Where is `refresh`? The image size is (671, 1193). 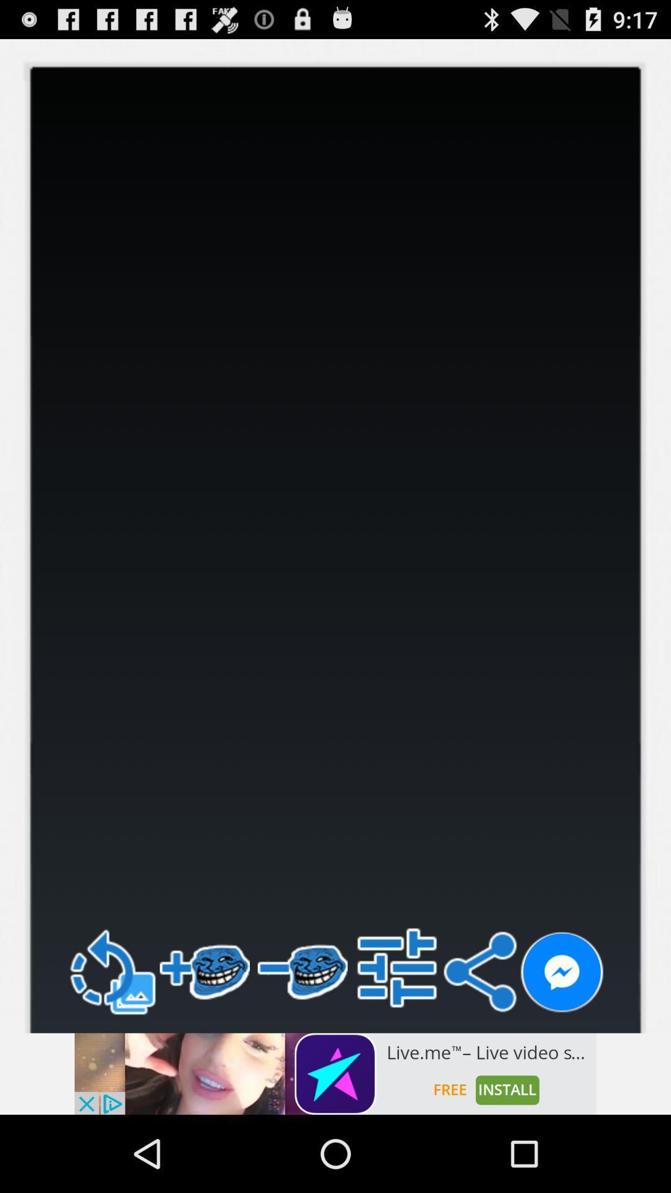 refresh is located at coordinates (111, 971).